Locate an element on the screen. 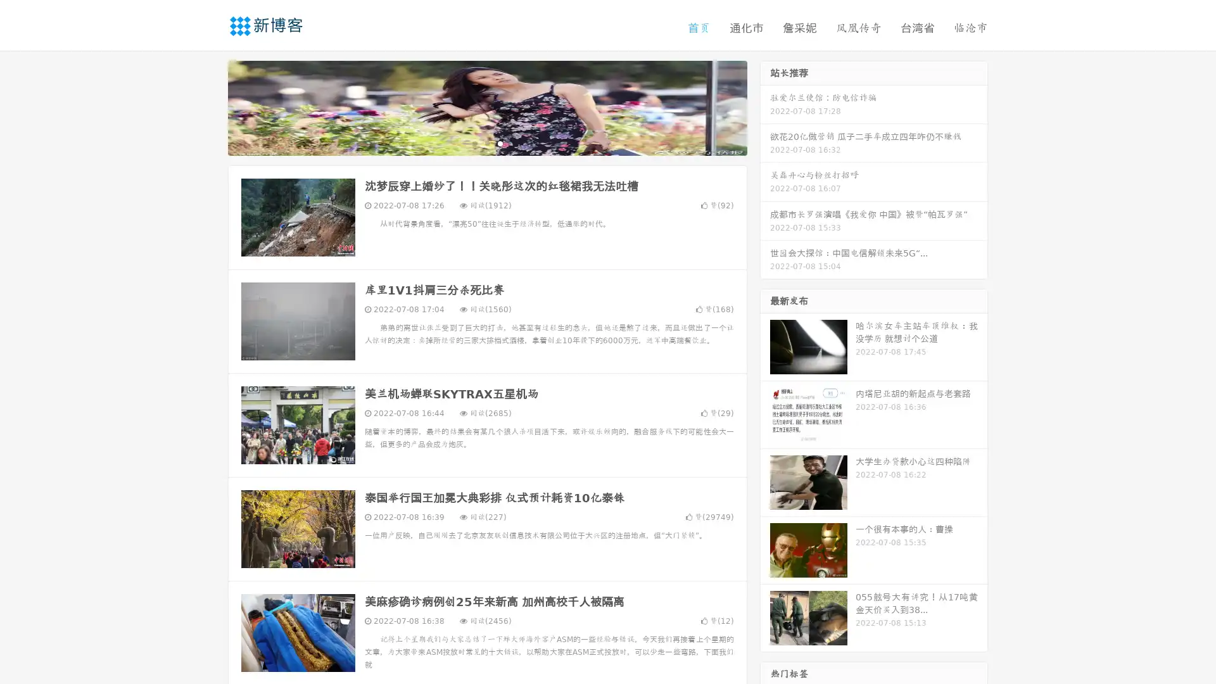 The width and height of the screenshot is (1216, 684). Next slide is located at coordinates (765, 106).